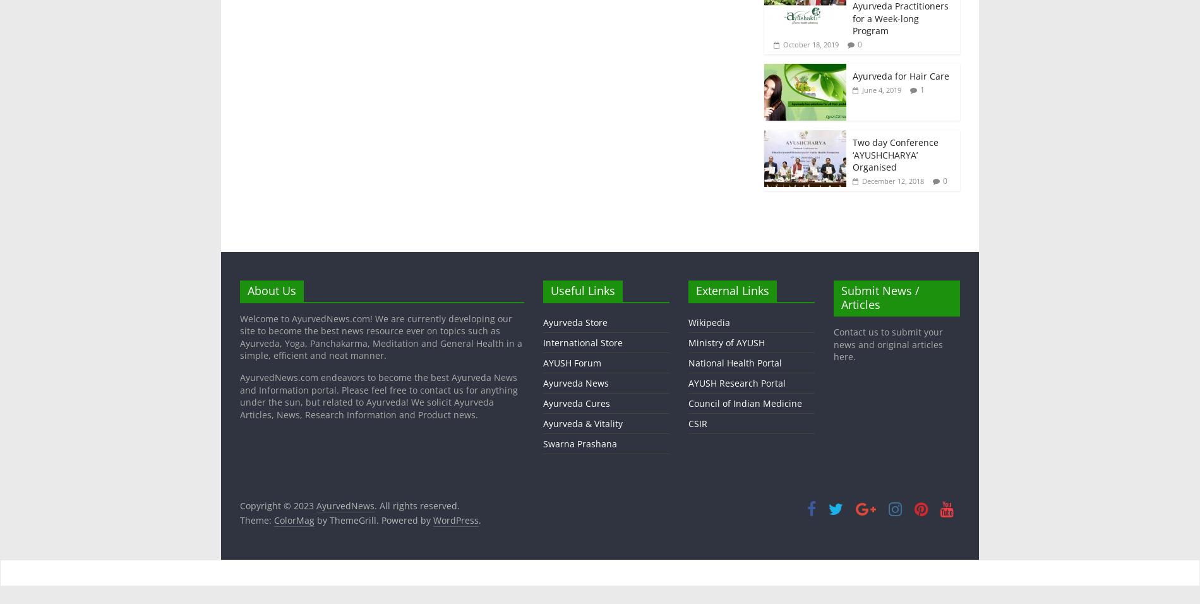 The width and height of the screenshot is (1200, 604). What do you see at coordinates (901, 76) in the screenshot?
I see `'Ayurveda for Hair Care'` at bounding box center [901, 76].